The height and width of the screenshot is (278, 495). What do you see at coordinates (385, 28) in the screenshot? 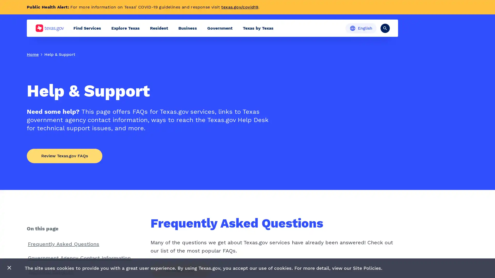
I see `Search` at bounding box center [385, 28].